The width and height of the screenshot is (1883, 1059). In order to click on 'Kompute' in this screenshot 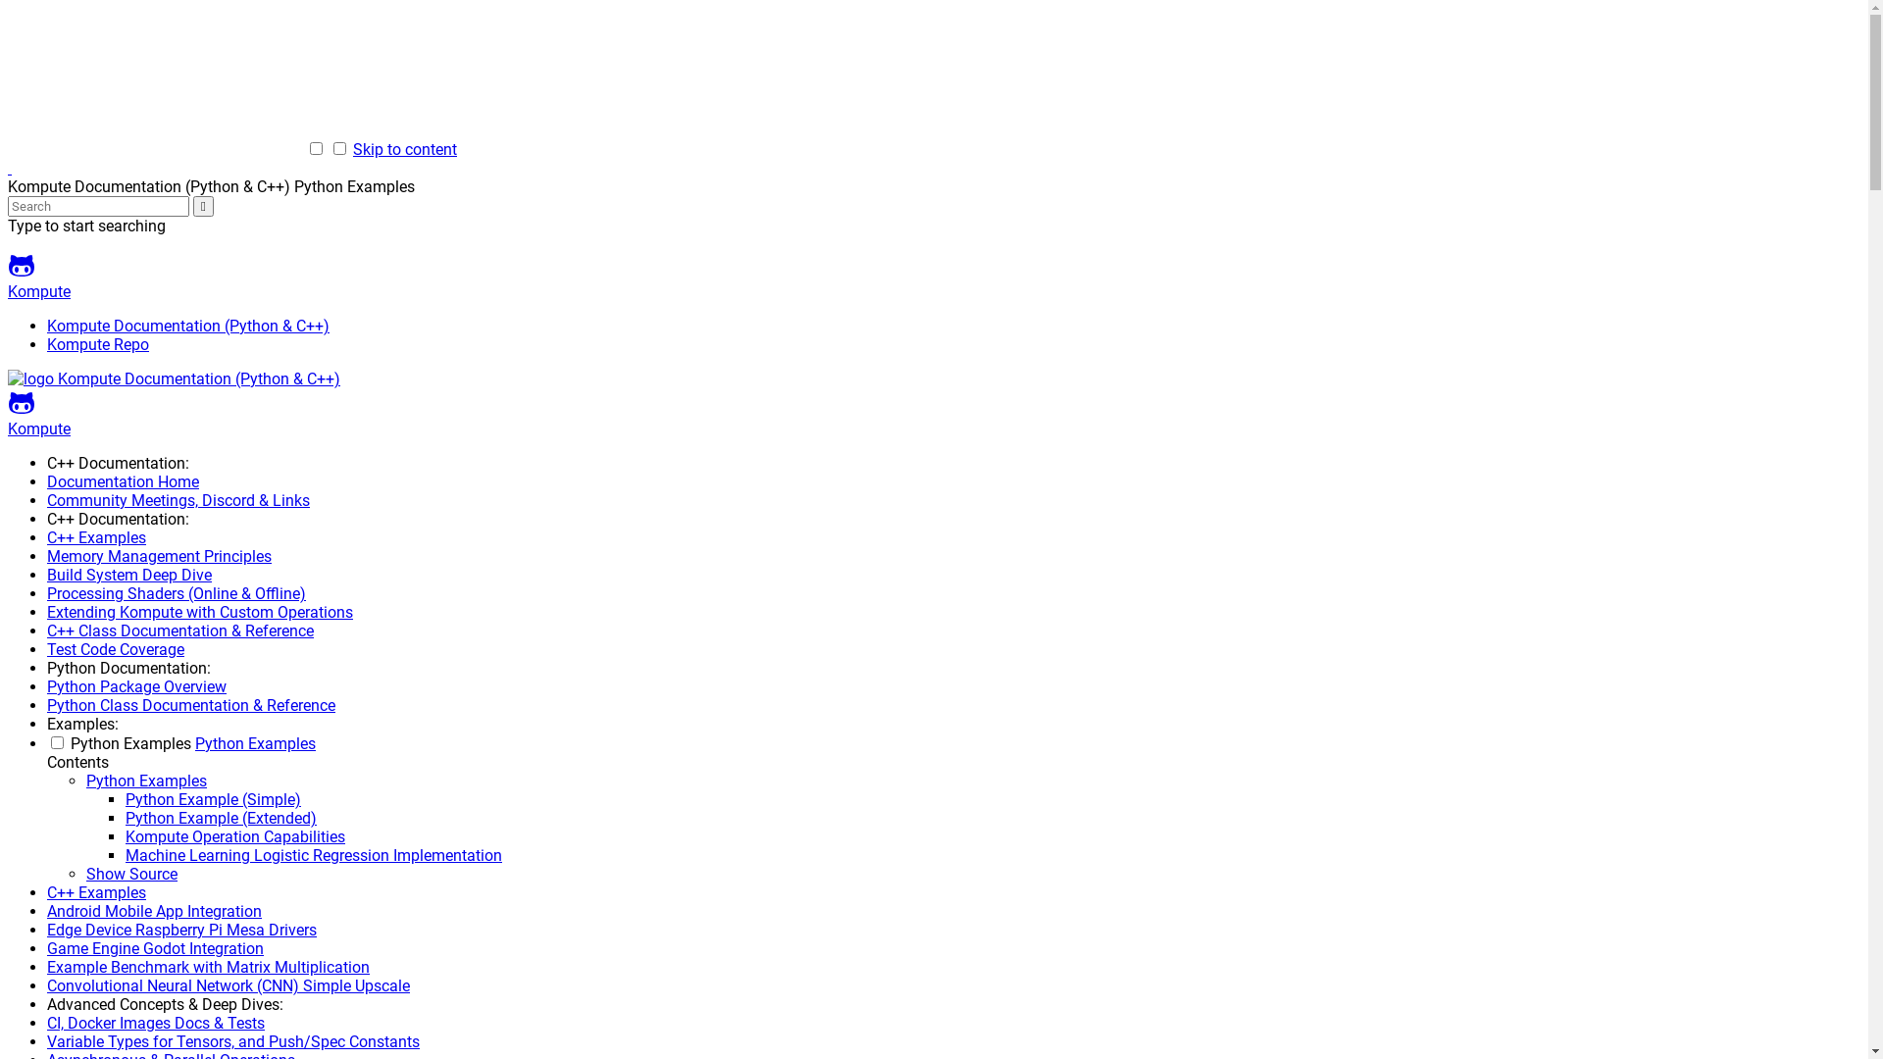, I will do `click(933, 276)`.